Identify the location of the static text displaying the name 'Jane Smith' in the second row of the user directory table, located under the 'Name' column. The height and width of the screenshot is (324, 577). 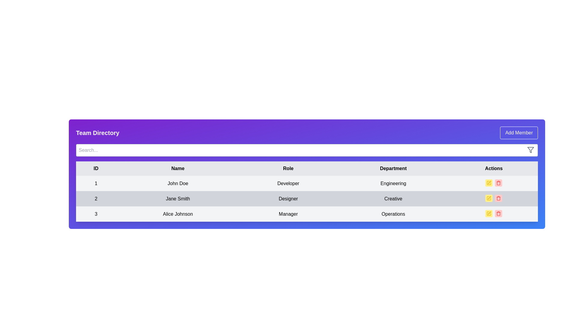
(178, 199).